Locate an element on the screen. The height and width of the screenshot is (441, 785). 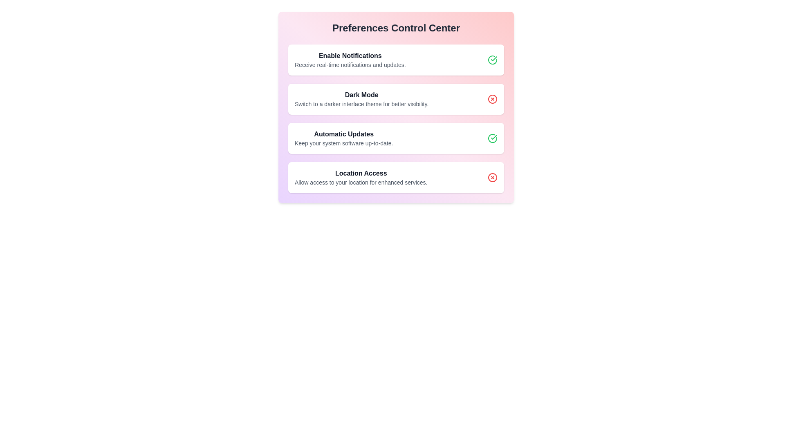
descriptive text of the Text-display element that describes the Dark Mode functionality, located in the Preferences Control Center between 'Enable Notifications' and 'Automatic Updates' is located at coordinates (361, 99).